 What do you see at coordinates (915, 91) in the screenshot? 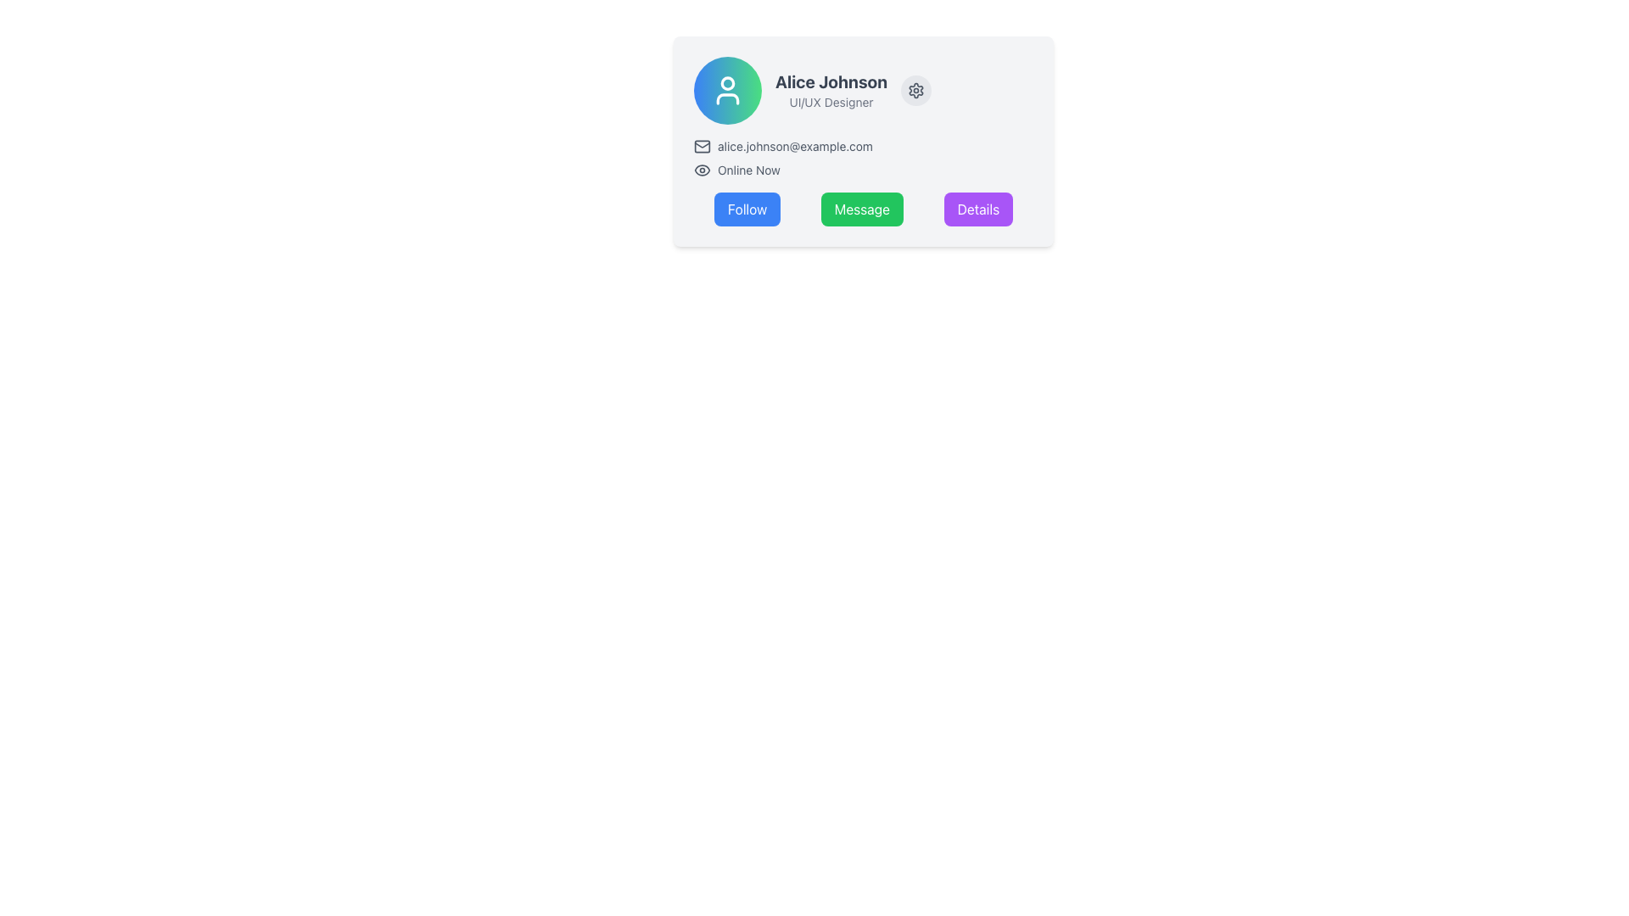
I see `the settings icon located at the top-right corner of the card UI component, adjacent to the name and role text ('Alice Johnson, UI/UX Designer')` at bounding box center [915, 91].